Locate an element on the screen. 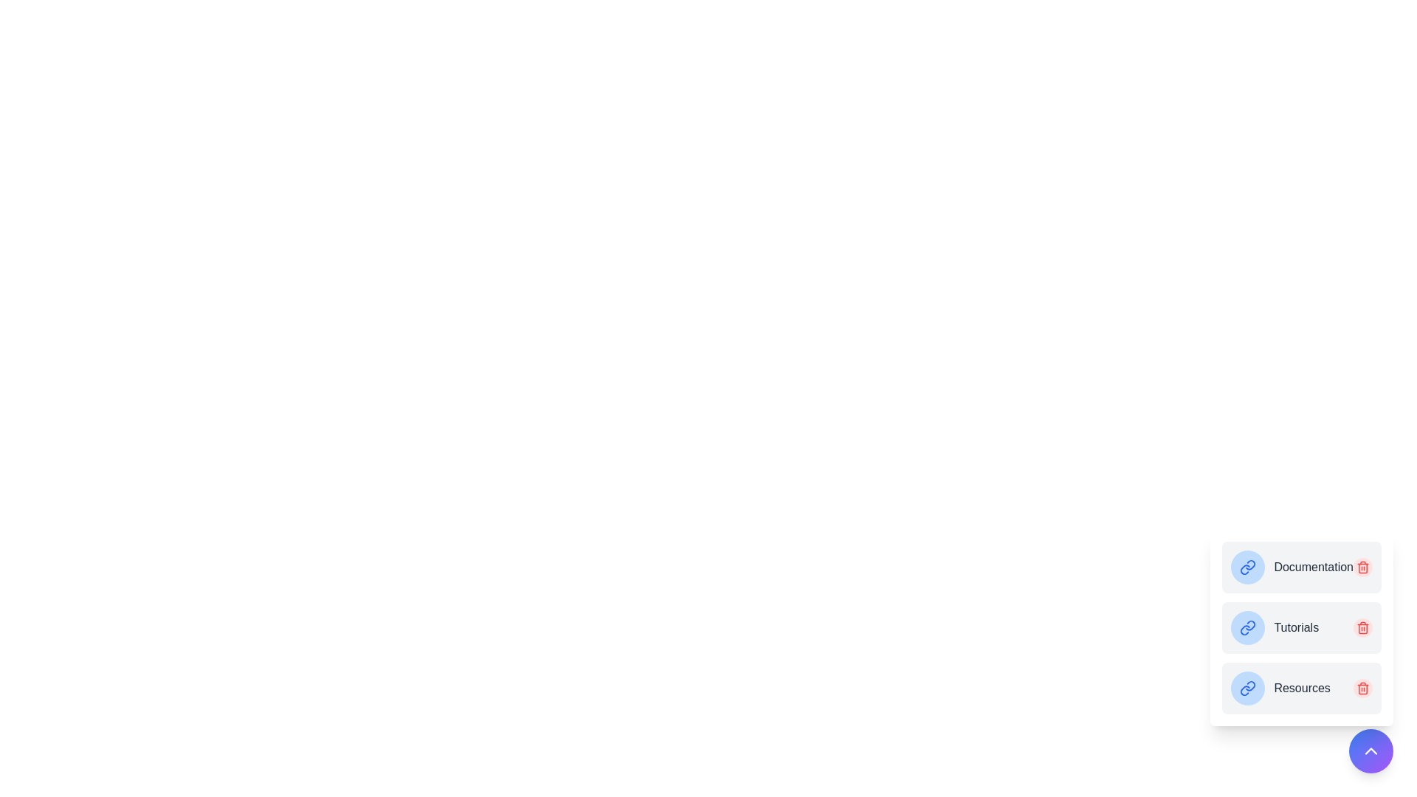 Image resolution: width=1417 pixels, height=797 pixels. the menu item Tutorials is located at coordinates (1302, 628).